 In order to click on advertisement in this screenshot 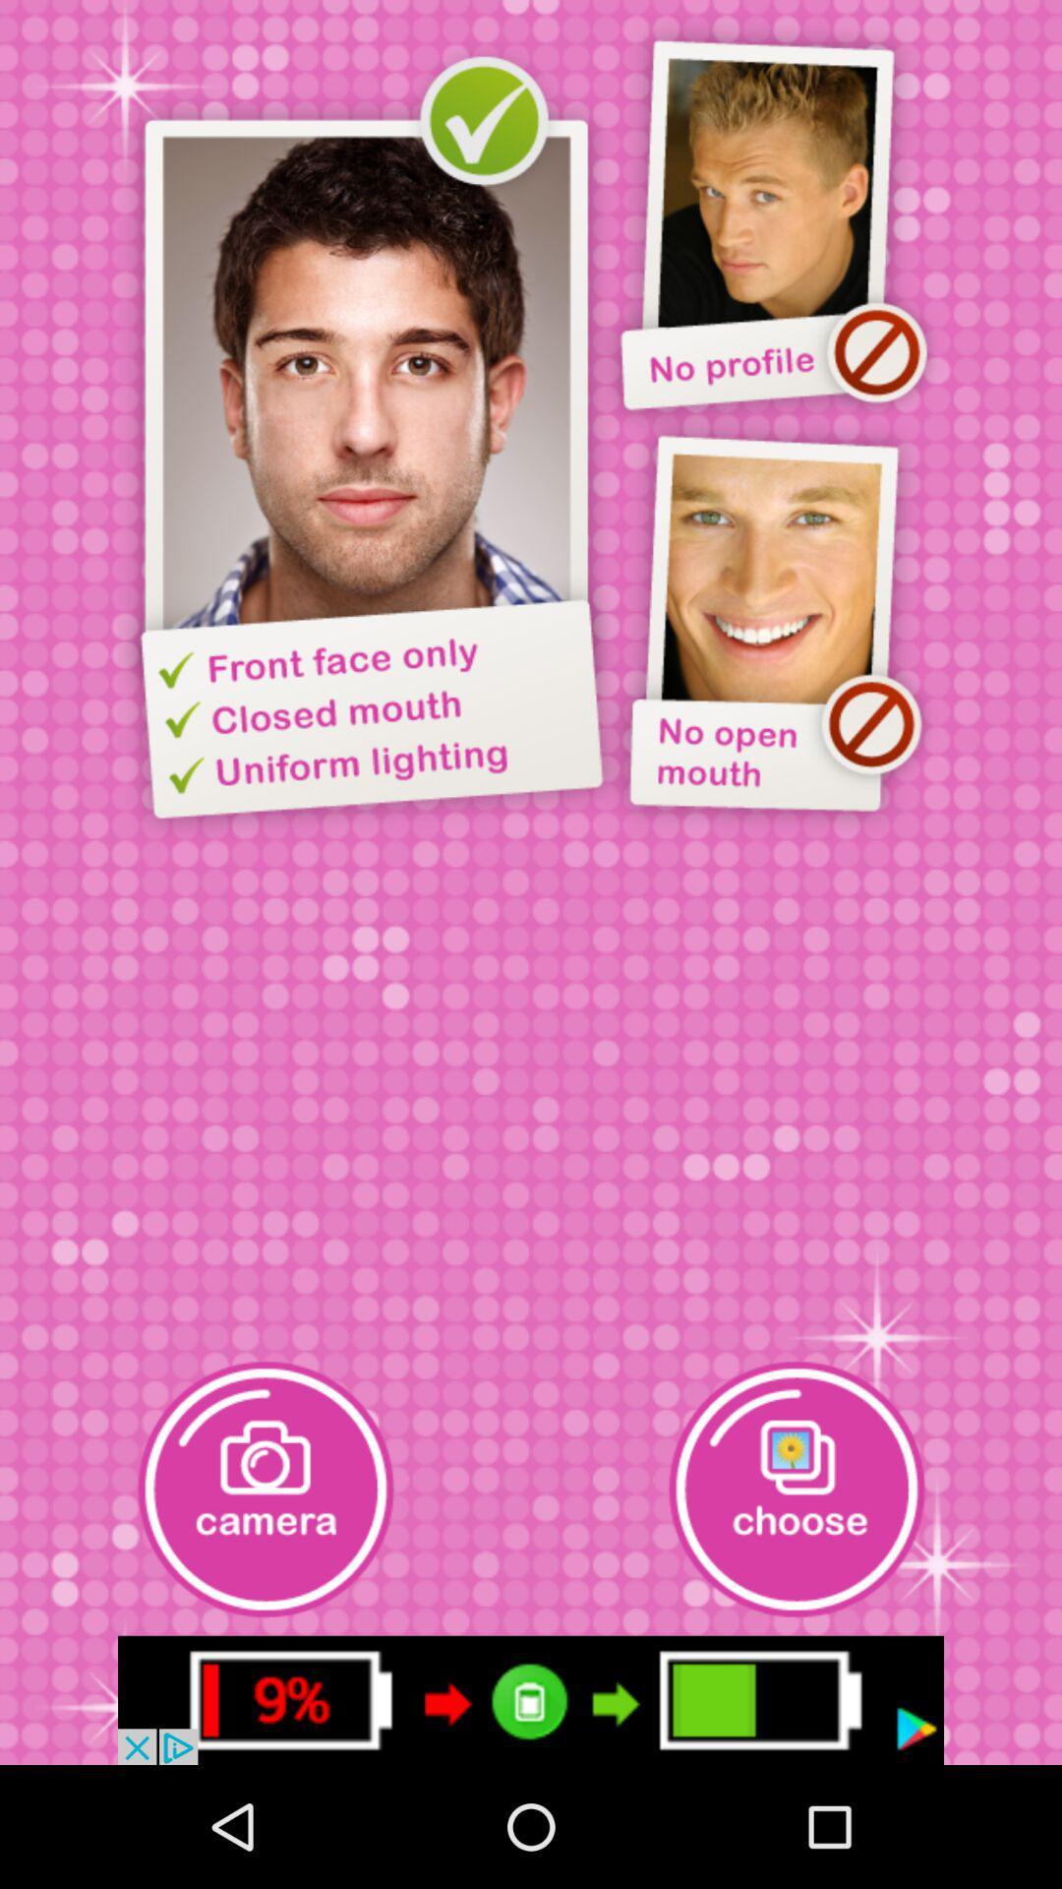, I will do `click(531, 1699)`.